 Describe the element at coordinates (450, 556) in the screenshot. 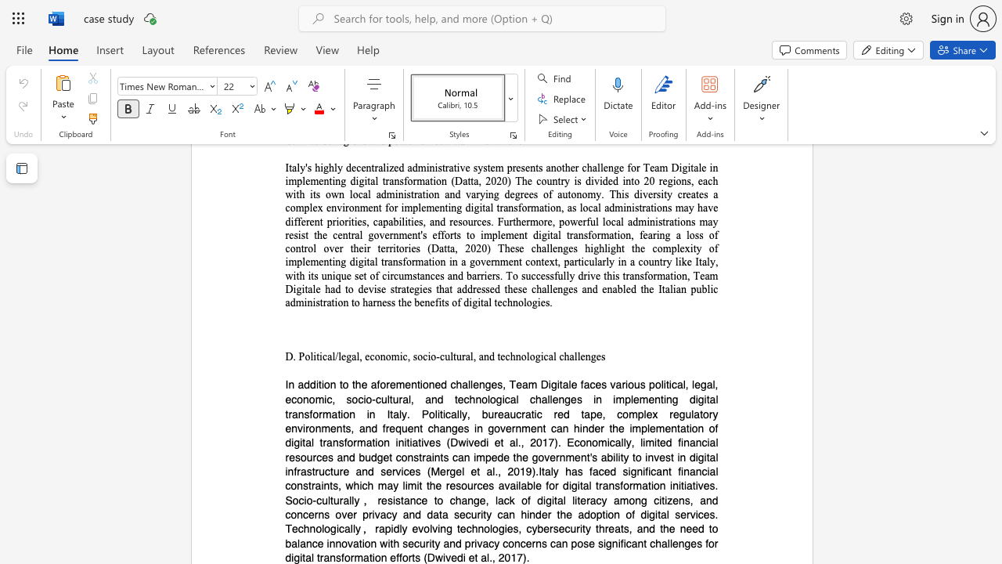

I see `the subset text "edi et al., 2017)" within the text "challenges for digital transformation efforts (Dwivedi et al., 2017)."` at that location.